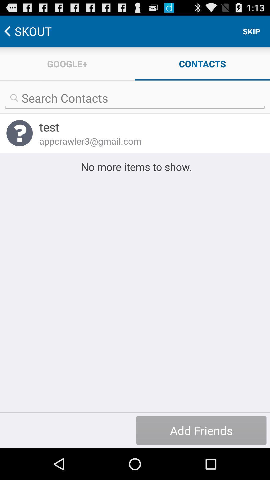 This screenshot has width=270, height=480. I want to click on the no more items icon, so click(135, 167).